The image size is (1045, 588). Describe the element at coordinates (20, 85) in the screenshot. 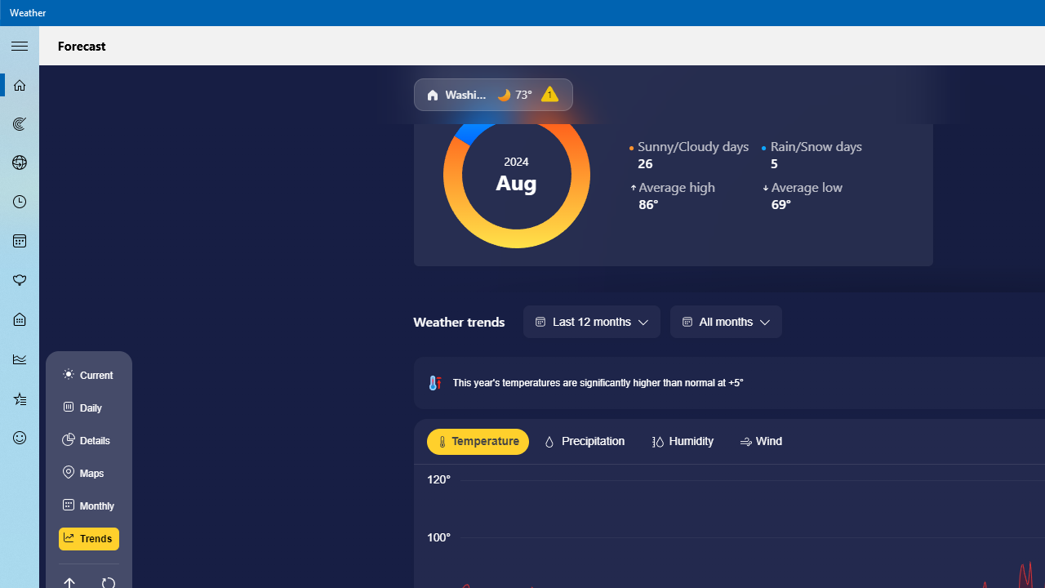

I see `'Forecast - Not Selected'` at that location.